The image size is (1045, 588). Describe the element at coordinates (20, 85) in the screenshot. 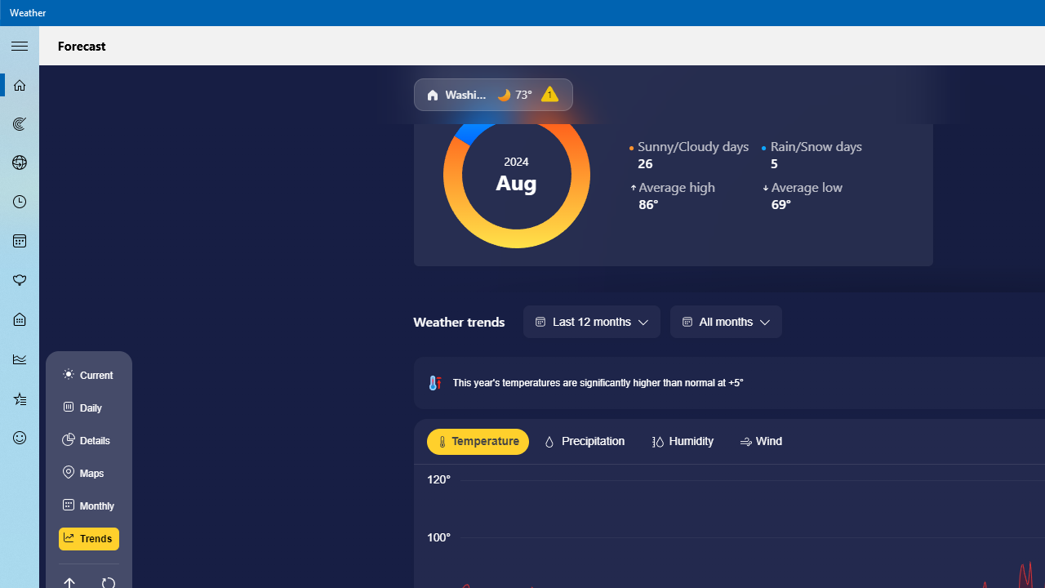

I see `'Forecast - Not Selected'` at that location.